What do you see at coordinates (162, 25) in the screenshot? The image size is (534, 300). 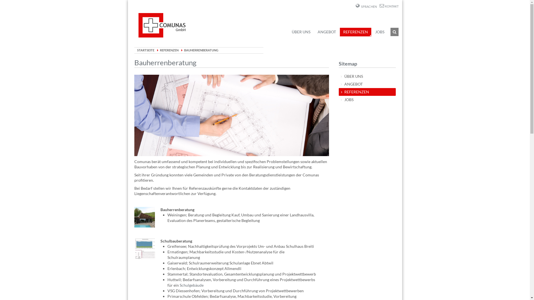 I see `'Comunas Home'` at bounding box center [162, 25].